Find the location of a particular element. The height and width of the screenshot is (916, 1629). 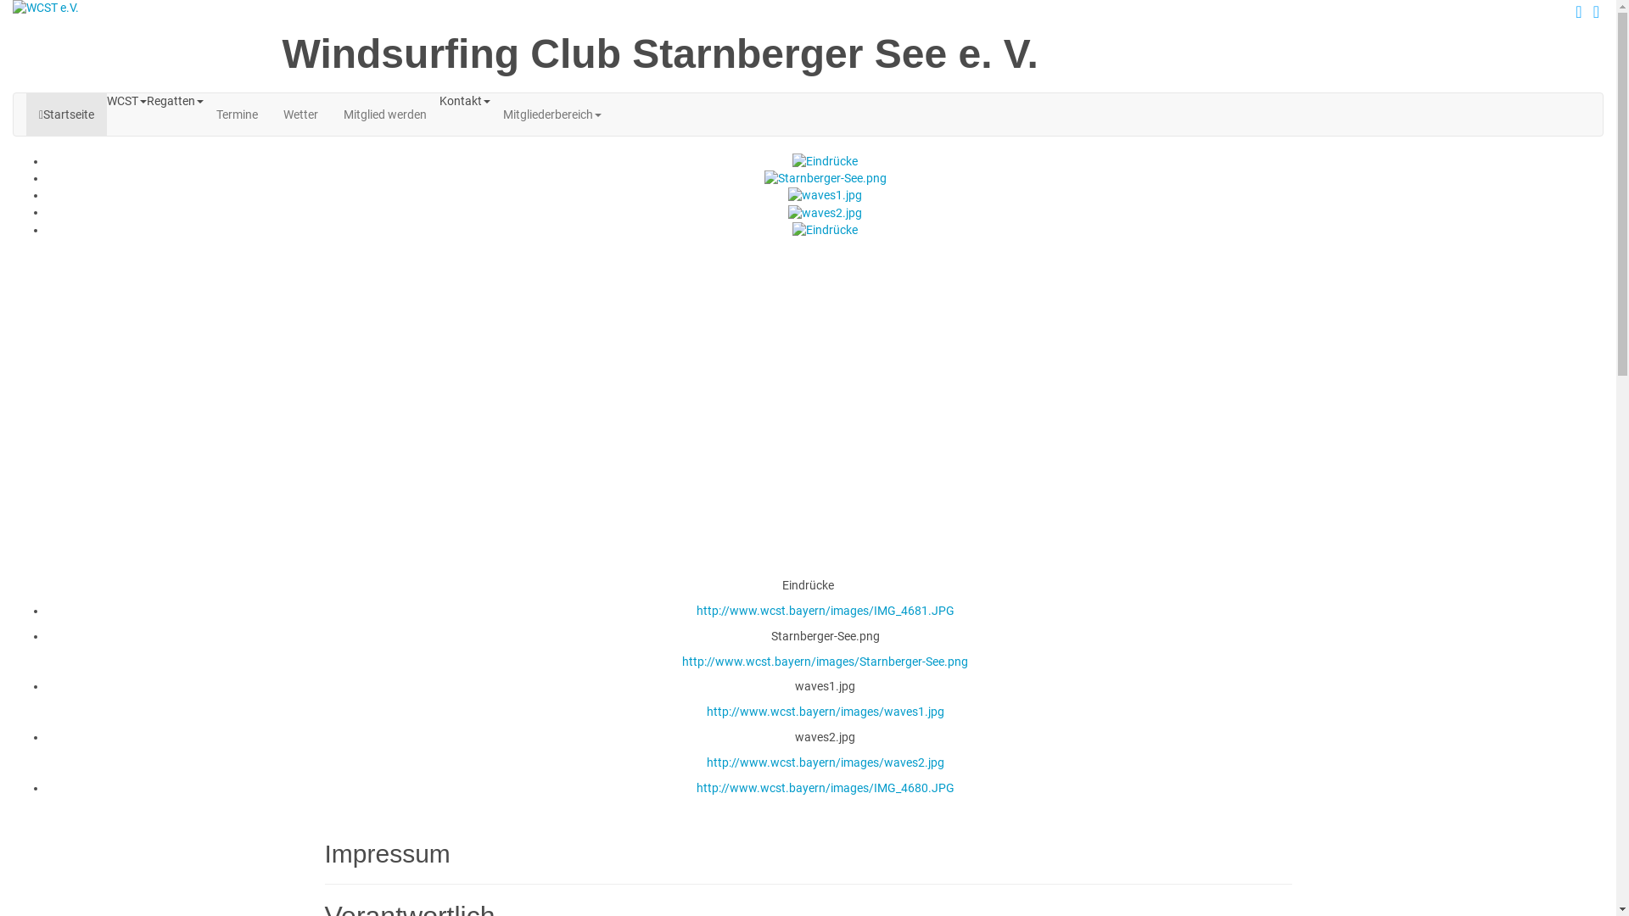

'Mitglied werden' is located at coordinates (384, 114).